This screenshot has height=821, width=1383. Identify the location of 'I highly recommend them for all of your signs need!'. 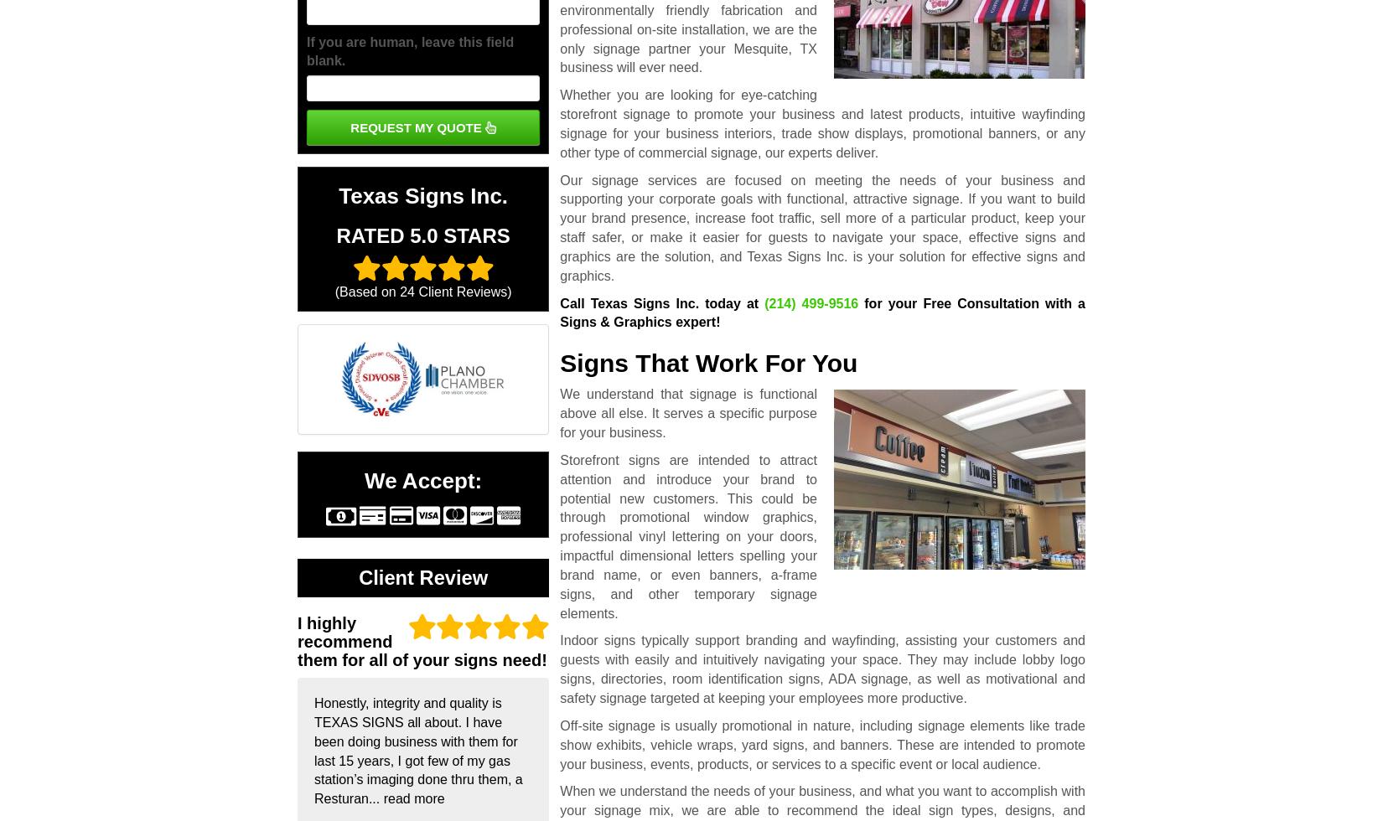
(421, 640).